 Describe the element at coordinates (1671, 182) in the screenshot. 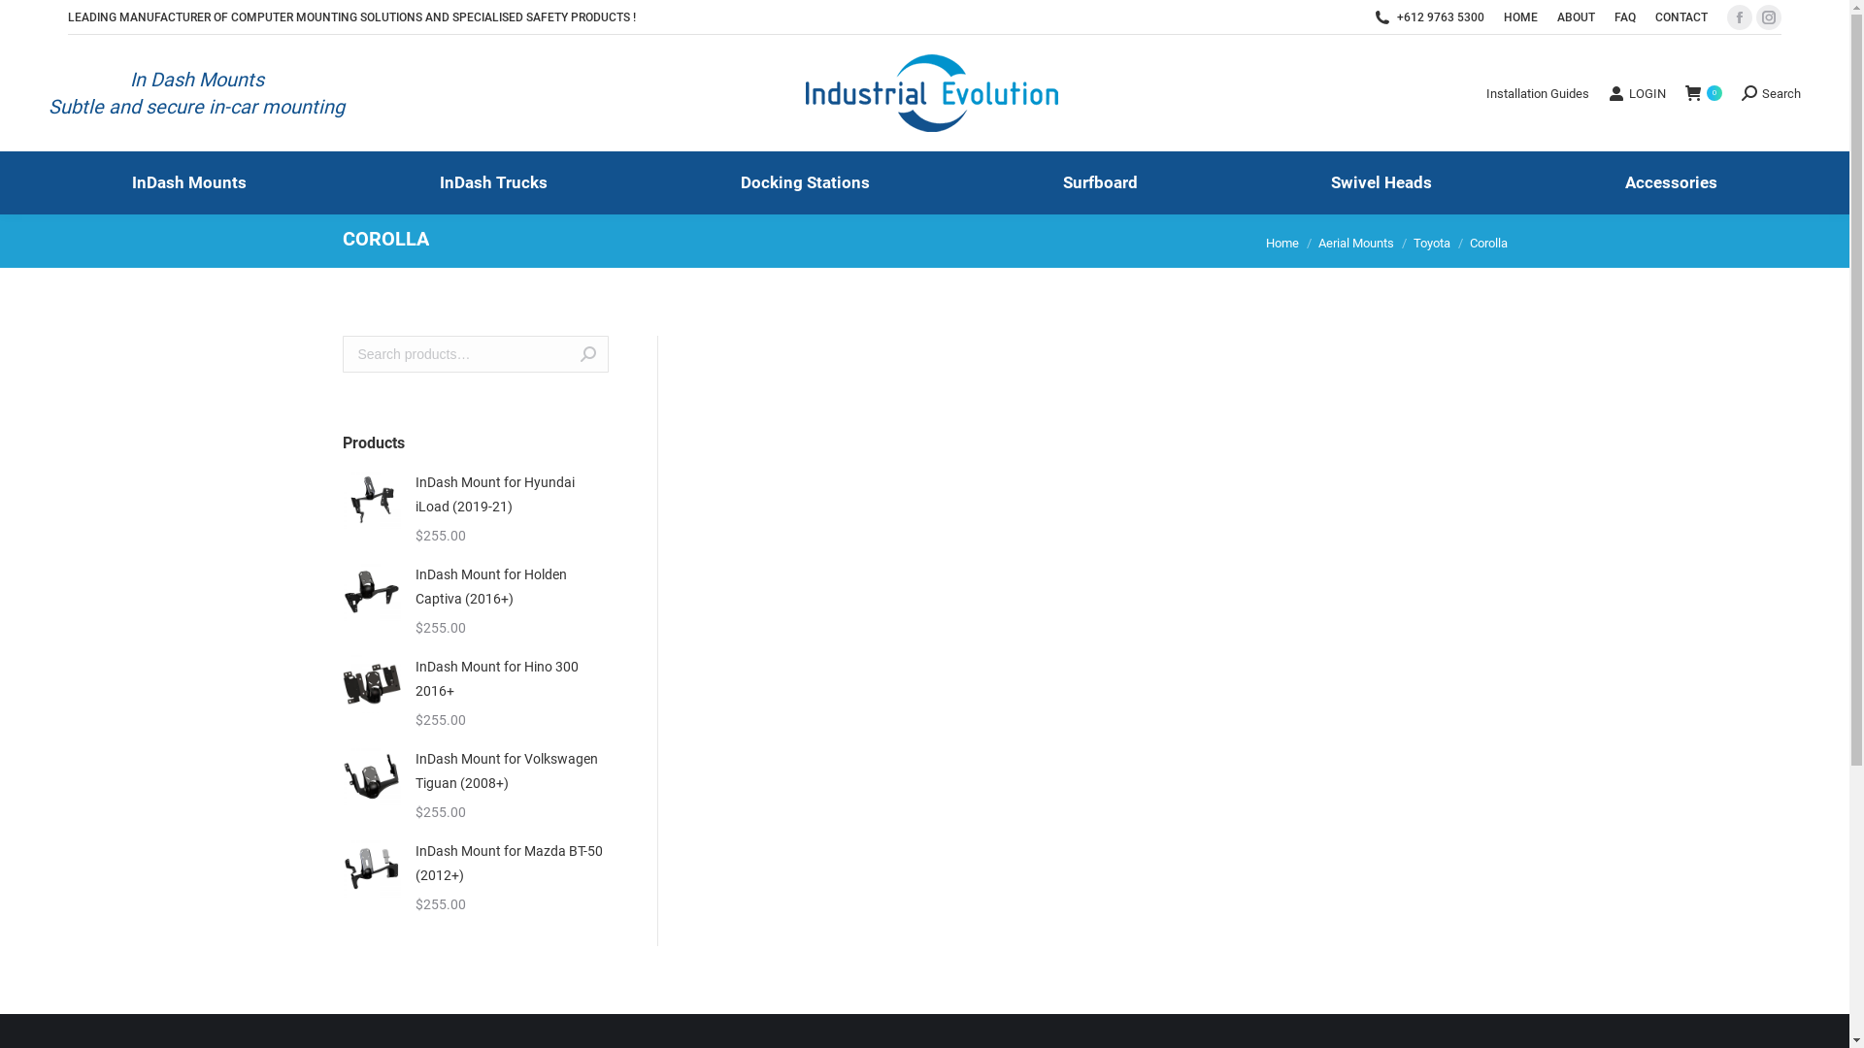

I see `'Accessories'` at that location.